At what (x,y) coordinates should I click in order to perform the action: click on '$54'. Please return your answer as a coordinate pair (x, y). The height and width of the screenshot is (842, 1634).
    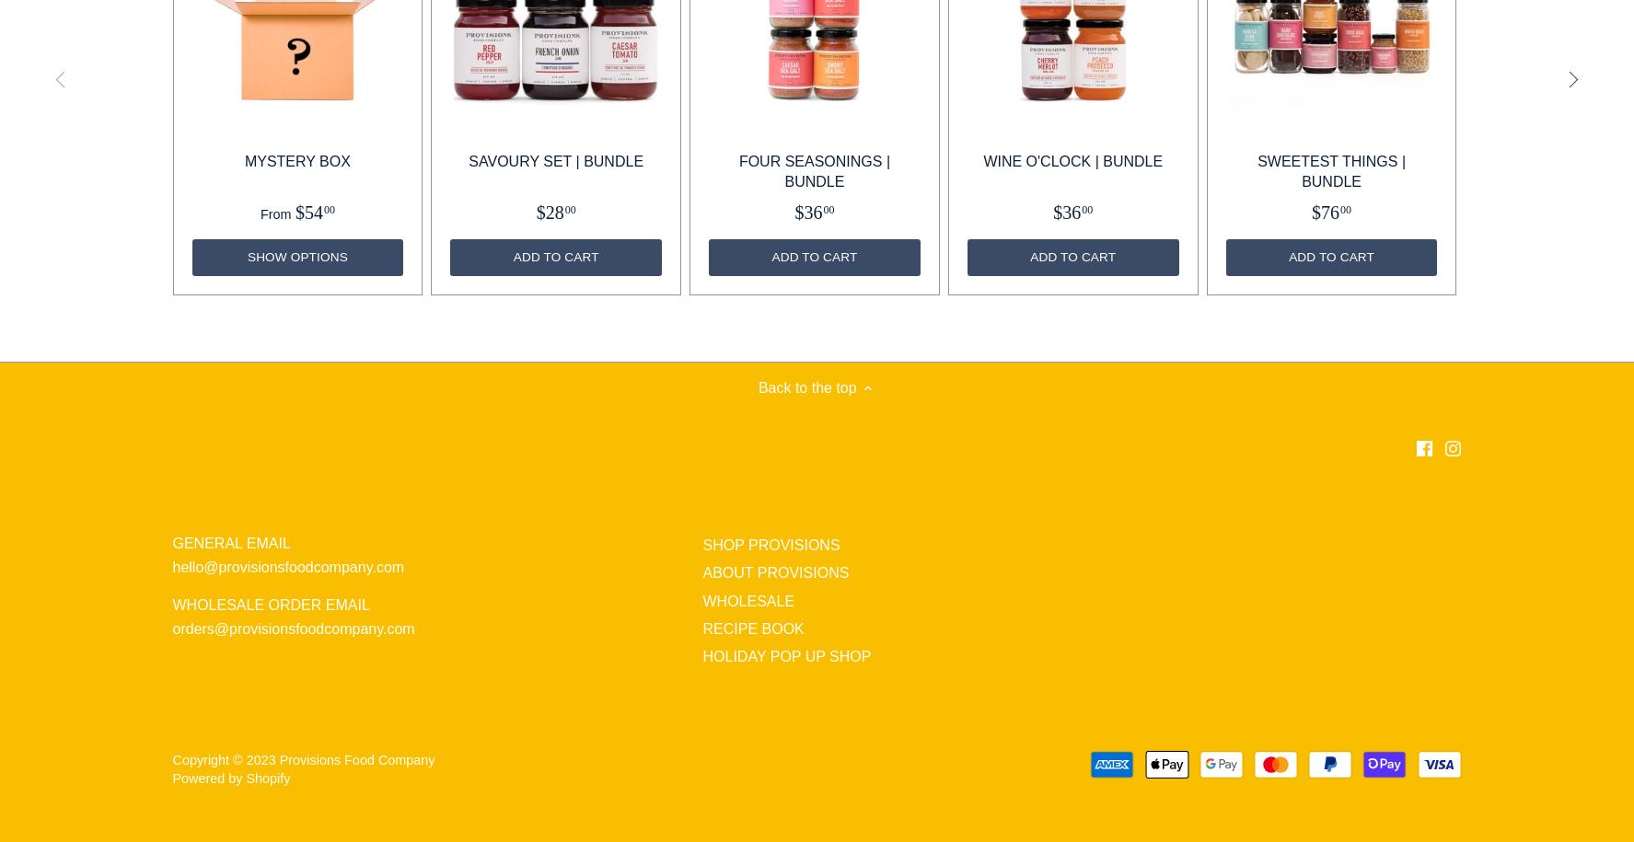
    Looking at the image, I should click on (307, 212).